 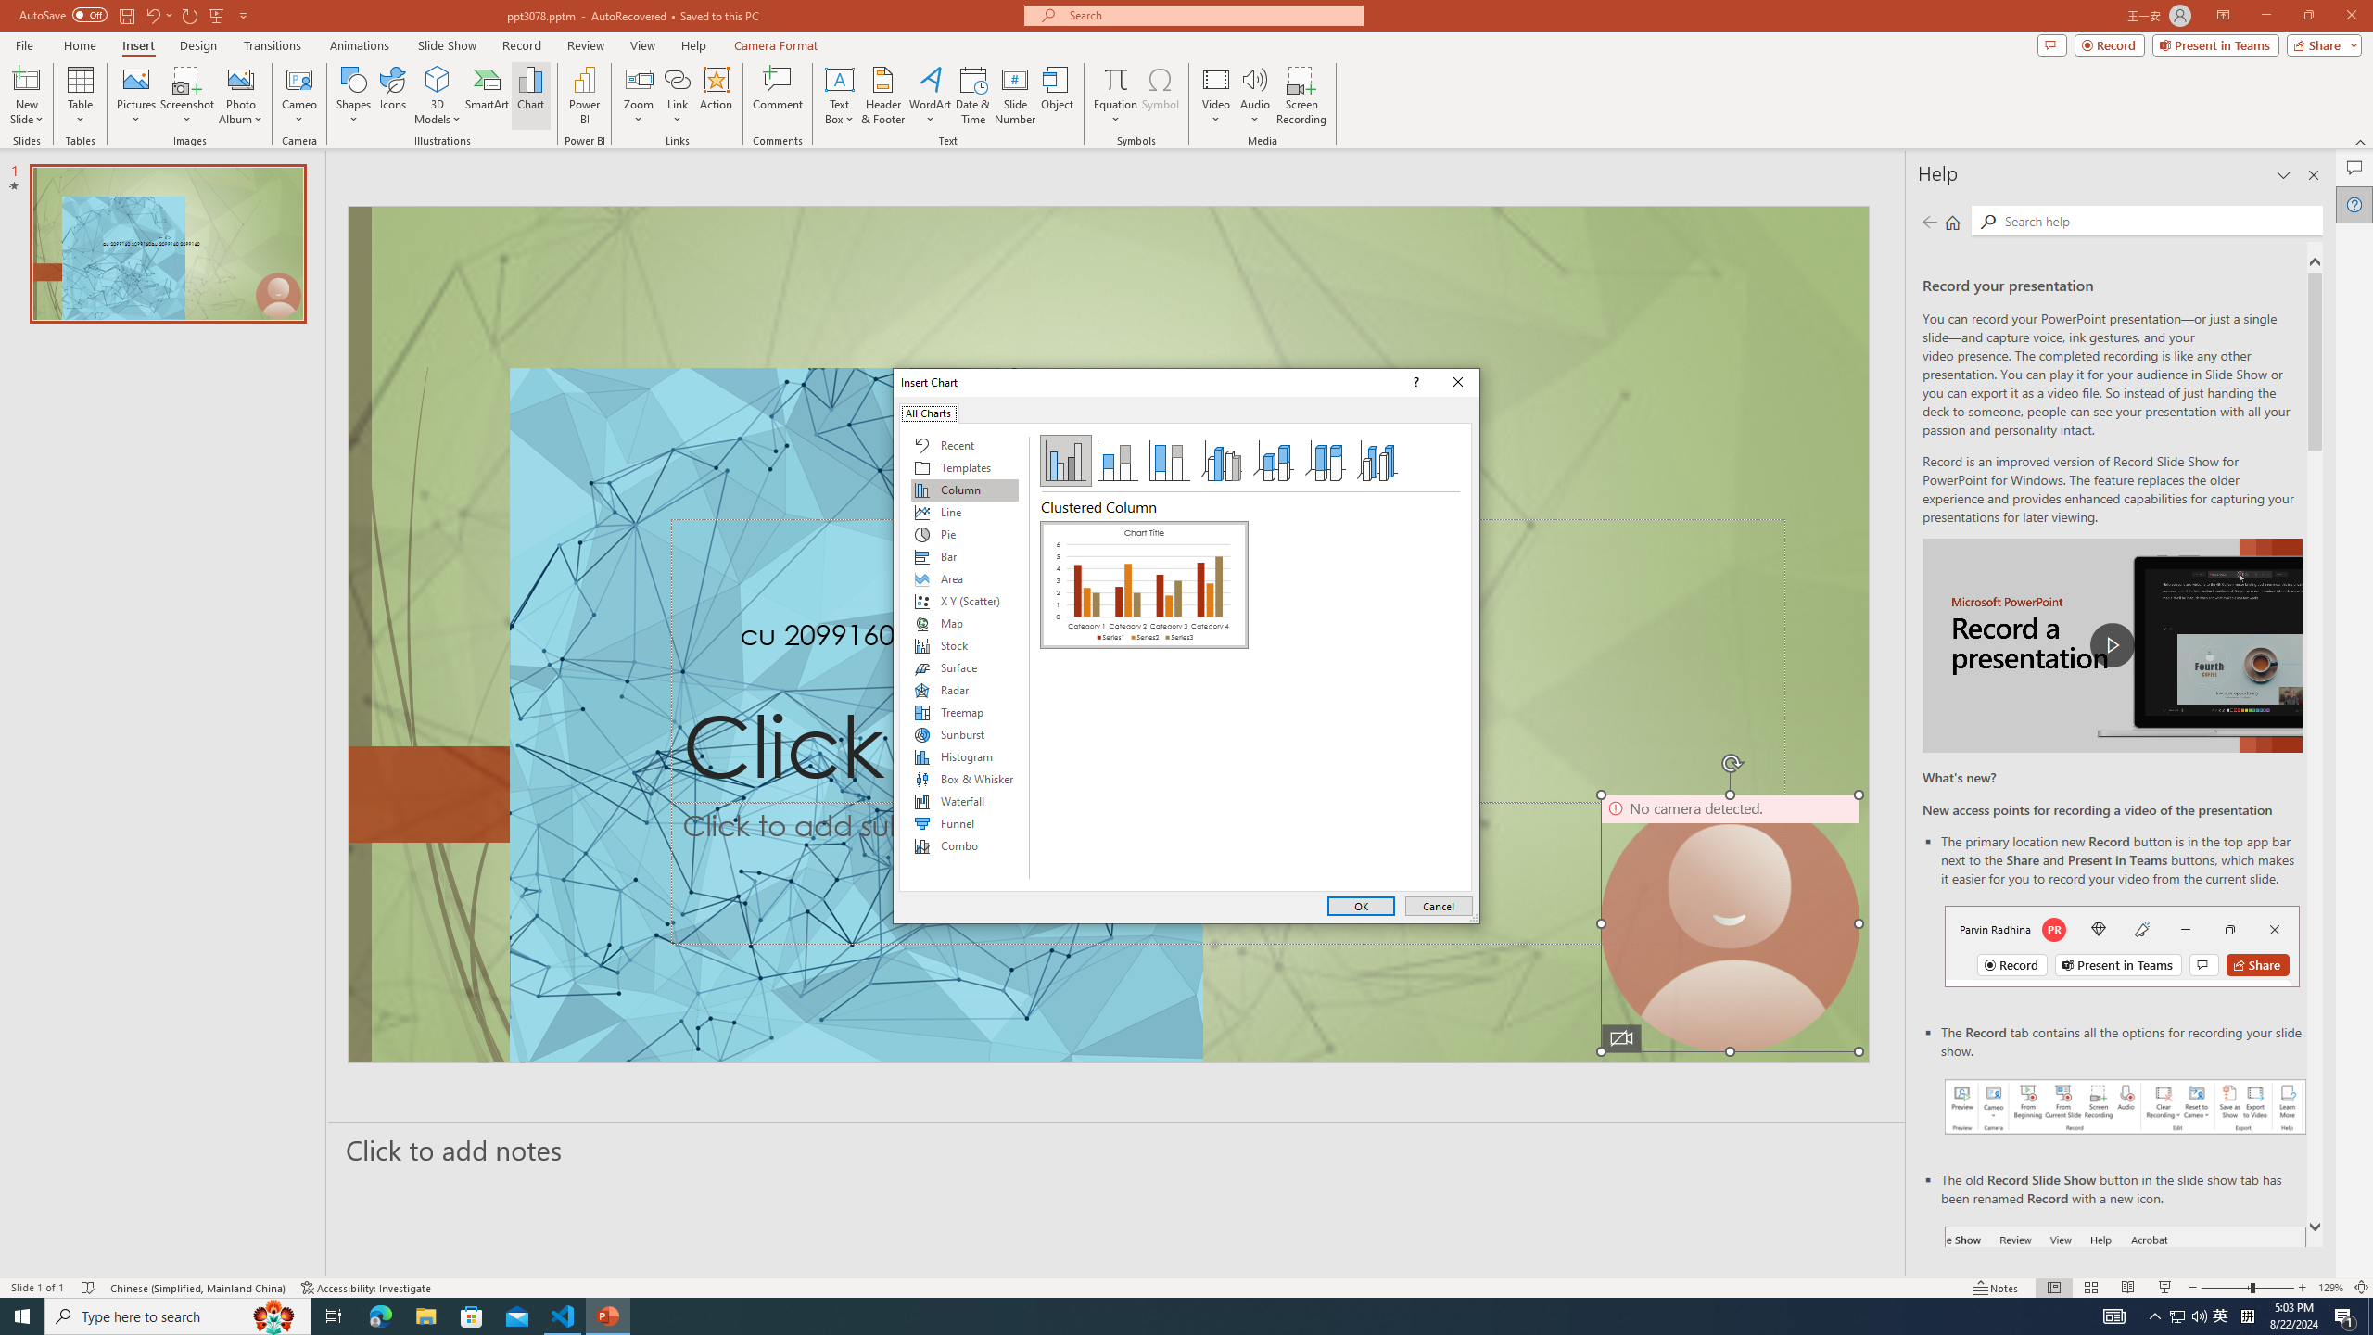 I want to click on 'Draw Horizontal Text Box', so click(x=839, y=78).